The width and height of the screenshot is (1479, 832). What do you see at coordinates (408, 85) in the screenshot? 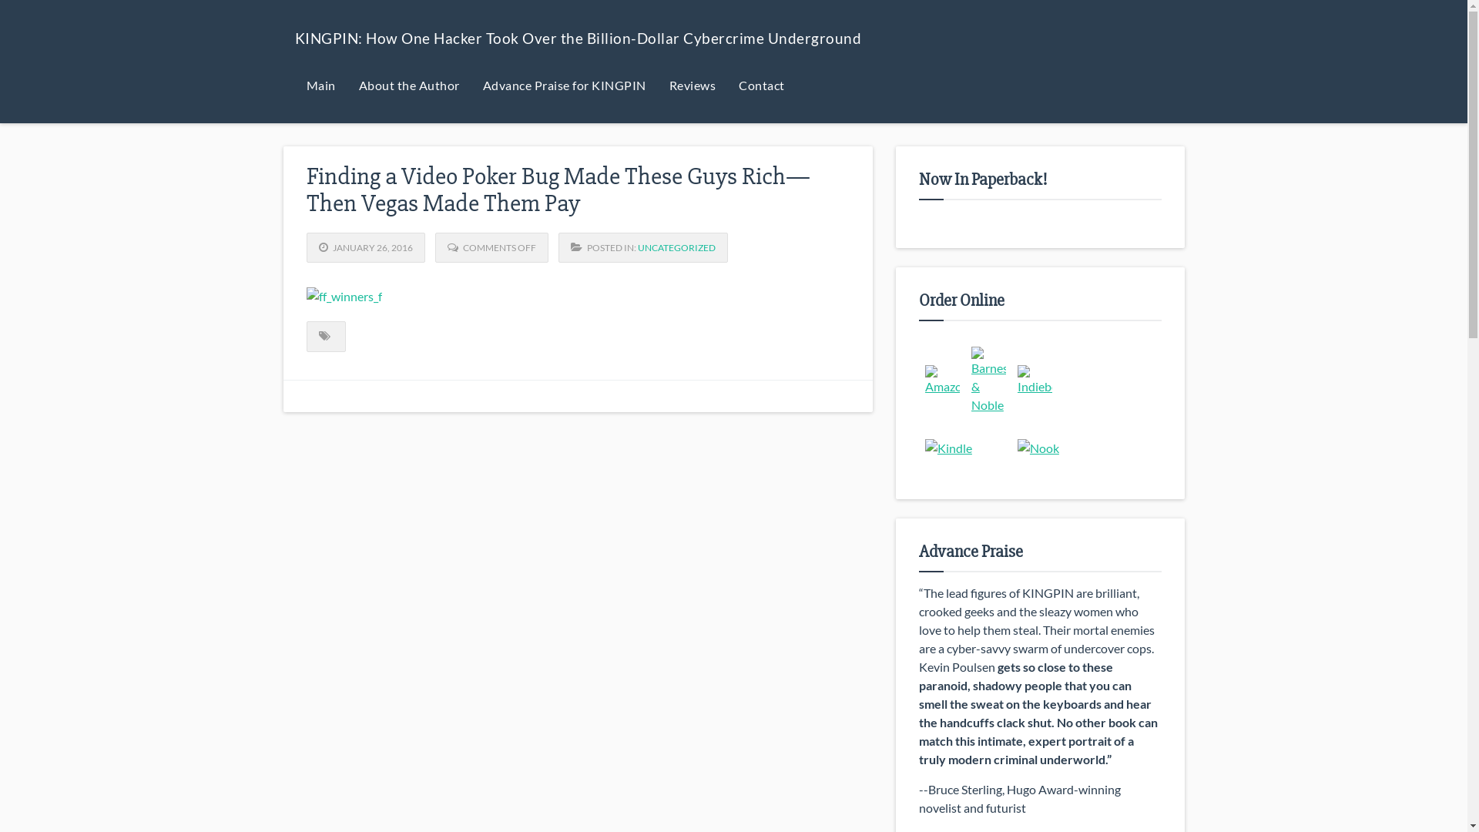
I see `'About the Author'` at bounding box center [408, 85].